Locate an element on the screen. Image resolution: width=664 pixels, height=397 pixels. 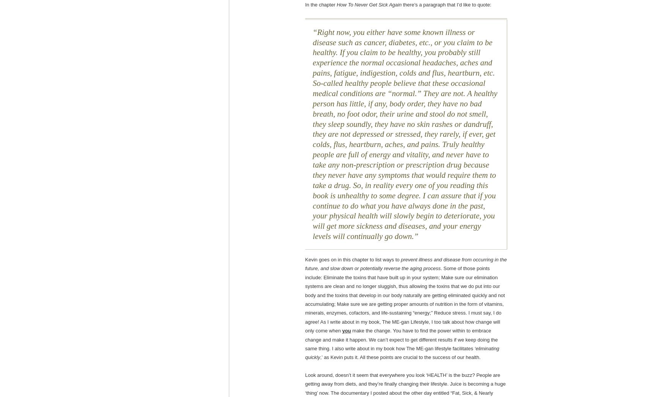
'Right now, you either have some known illness or disease such as cancer, diabetes, etc., or you claim to be healthy. If you claim to be healthy, you probably still experience the normal occasional headaches, aches and pains, fatigue, indigestion, colds and flus, heartburn, etc. So-called healthy people believe that these occasional medical conditions are “normal.” They are not. A healthy person has little, if any, body order, they have no bad breath, no foot odor, their urine and stool do not smell, they sleep soundly, they have no skin rashes or dandruff, they are not depressed or stressed, they rarely, if ever, get colds, flus, heartburn, aches, and pains. Truly healthy people are full of energy and vitality, and never have to take any non-prescription or prescription drug because they never have any symptoms that would require them to take a drug. So, in reality every one of you reading this book is unhealthy to some degree. I can assure that if you continue to do what you have always done in the past, your physical health will slowly begin to deteriorate, you will get more sickness and diseases, and your energy levels will continually go down.' is located at coordinates (405, 134).